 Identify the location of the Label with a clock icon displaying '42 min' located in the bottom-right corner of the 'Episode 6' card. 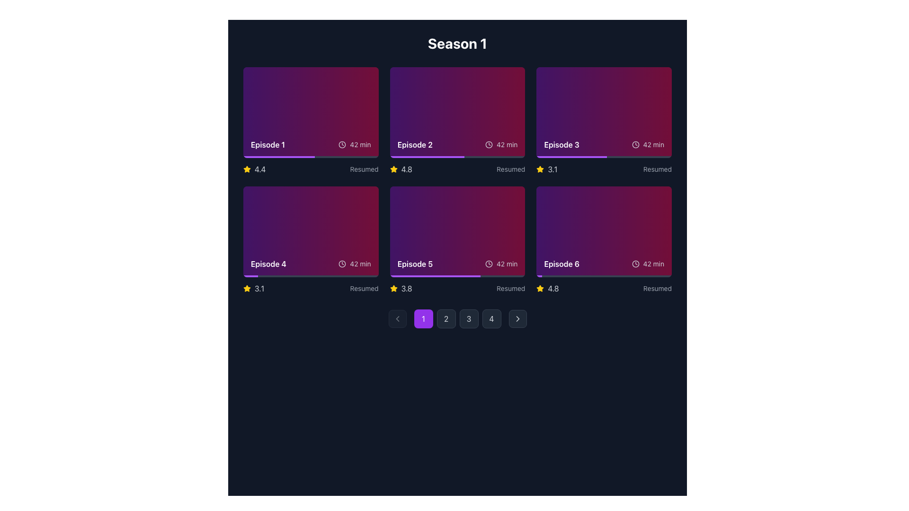
(647, 264).